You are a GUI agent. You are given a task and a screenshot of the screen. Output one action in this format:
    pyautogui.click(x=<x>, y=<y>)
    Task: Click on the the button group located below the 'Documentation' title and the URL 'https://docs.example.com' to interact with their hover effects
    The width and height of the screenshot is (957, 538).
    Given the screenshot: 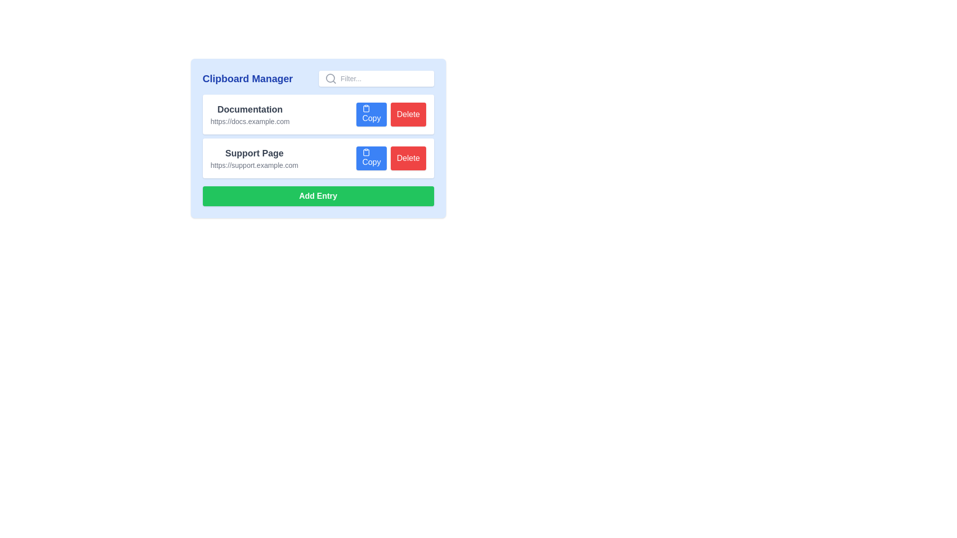 What is the action you would take?
    pyautogui.click(x=390, y=114)
    